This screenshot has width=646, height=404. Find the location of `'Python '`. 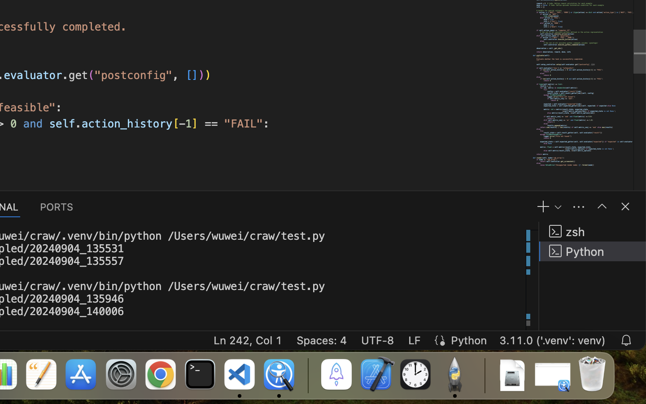

'Python ' is located at coordinates (592, 250).